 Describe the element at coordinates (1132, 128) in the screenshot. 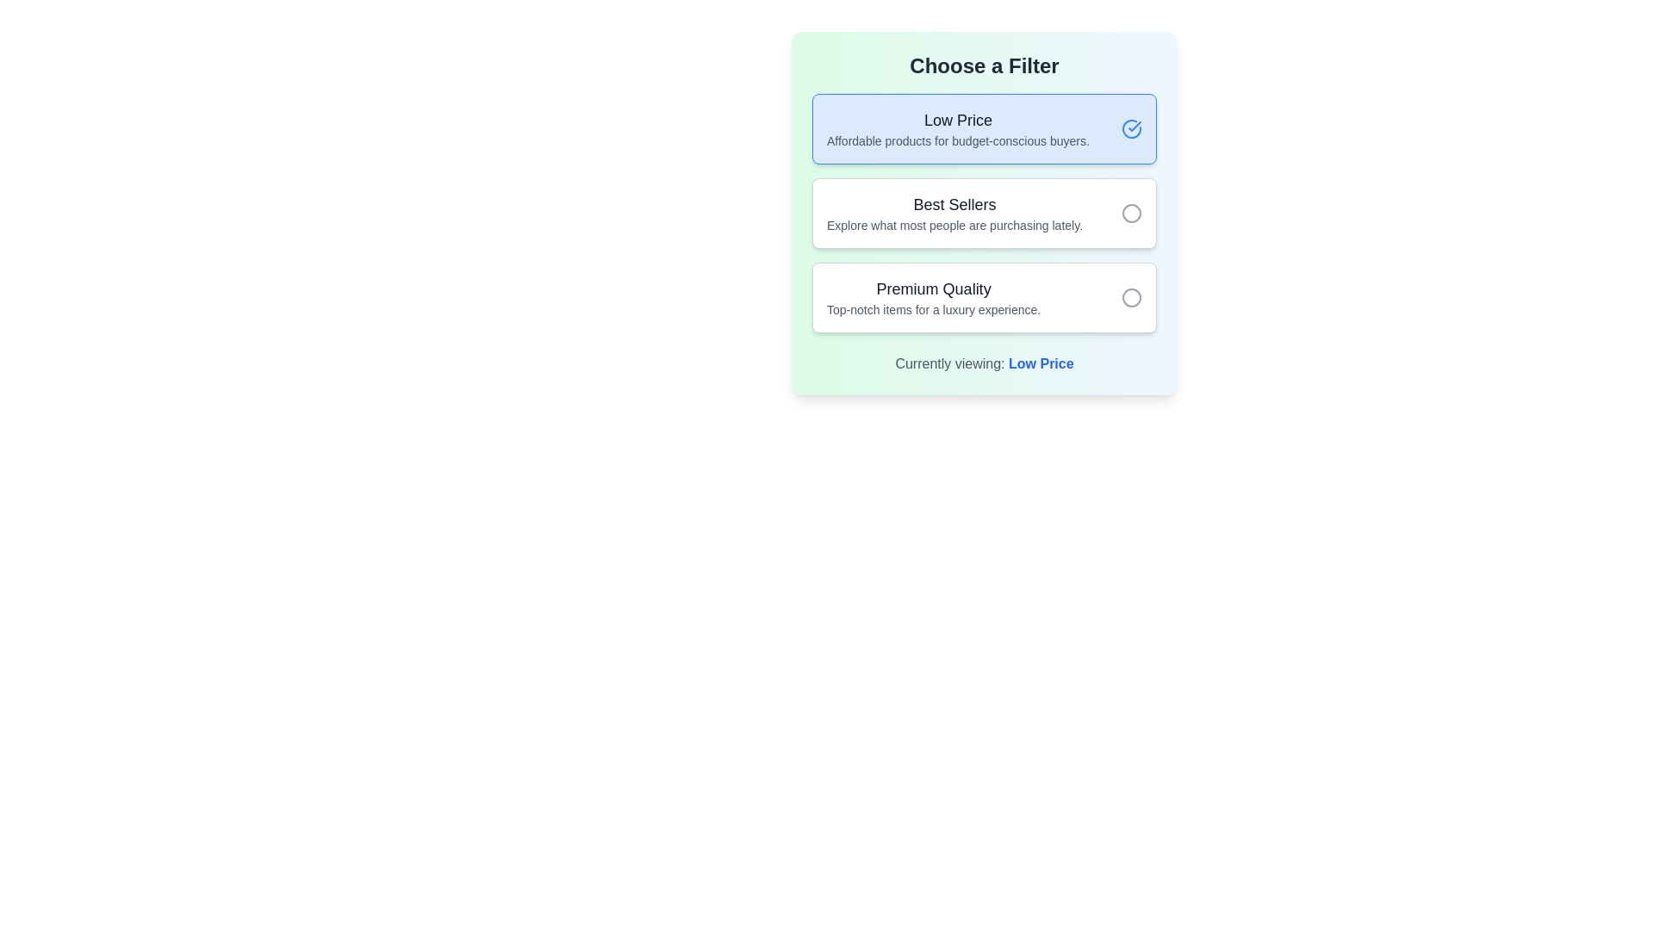

I see `the circular checkmark icon with a blue outline located to the far right of the 'Low Price' section` at that location.